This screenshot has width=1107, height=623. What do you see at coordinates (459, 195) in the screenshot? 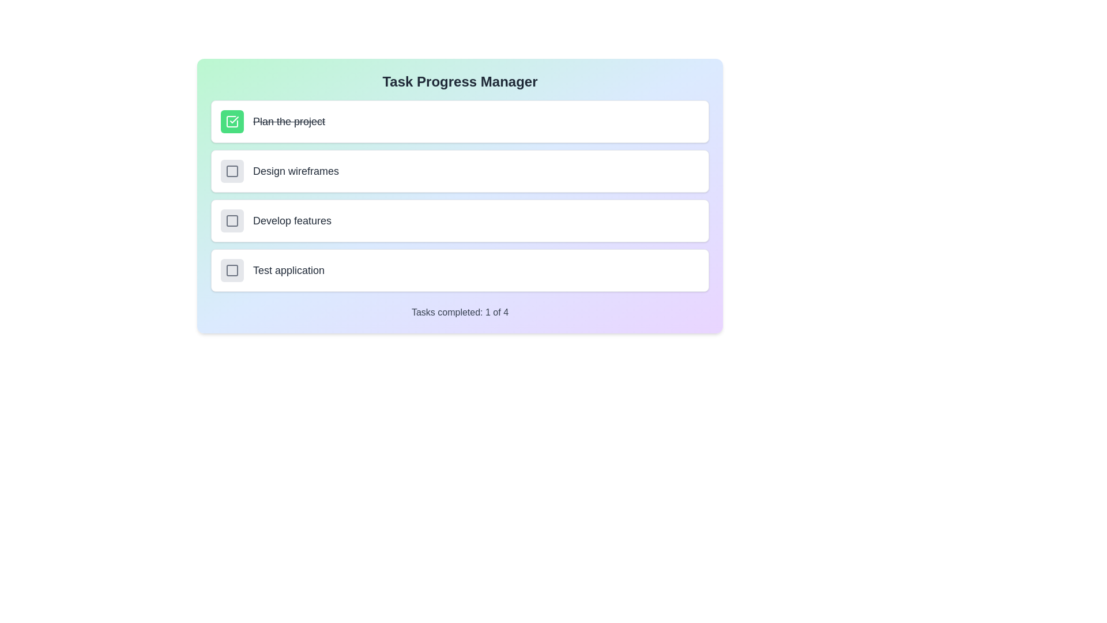
I see `an individual task within the task list displayed under the 'Task Progress Manager' heading to interact with it` at bounding box center [459, 195].